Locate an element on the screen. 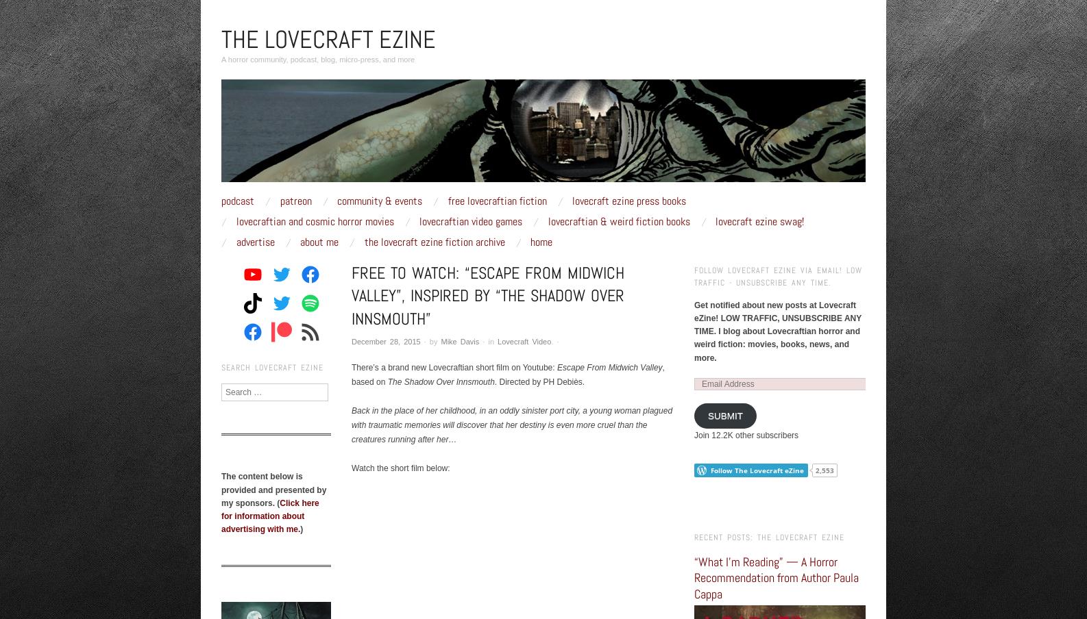 The width and height of the screenshot is (1087, 619). 'There’s a brand new Lovecraftian short film on Youtube:' is located at coordinates (454, 367).